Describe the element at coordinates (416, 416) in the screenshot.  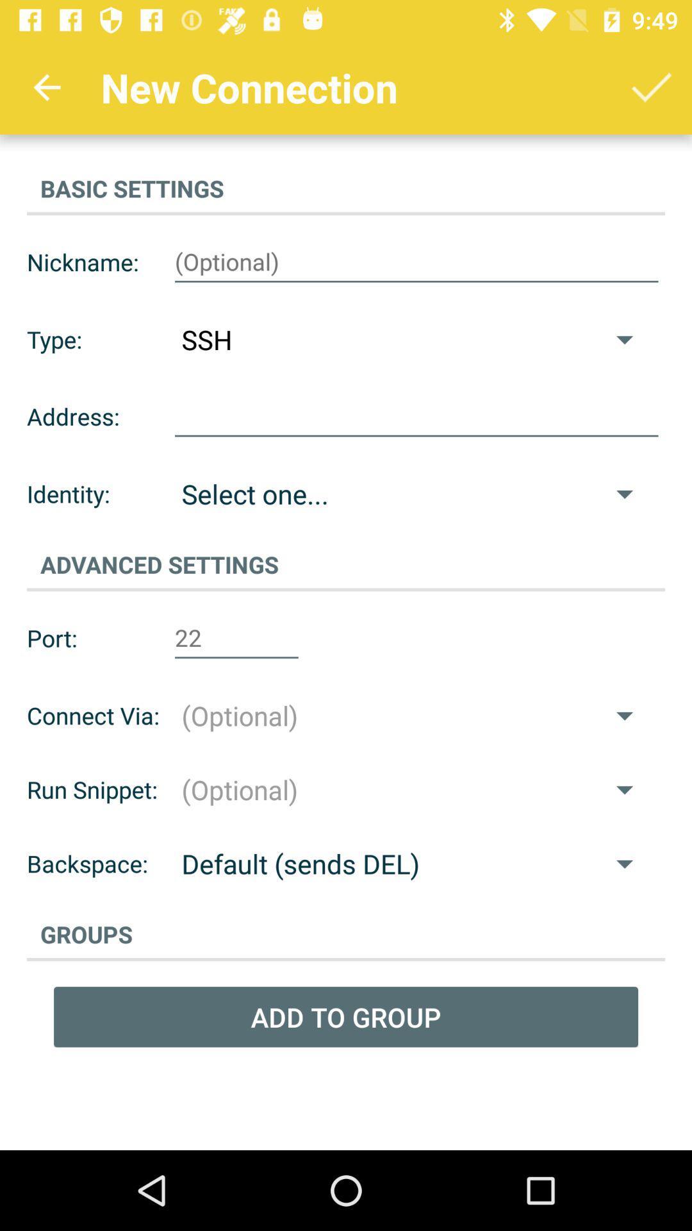
I see `address` at that location.